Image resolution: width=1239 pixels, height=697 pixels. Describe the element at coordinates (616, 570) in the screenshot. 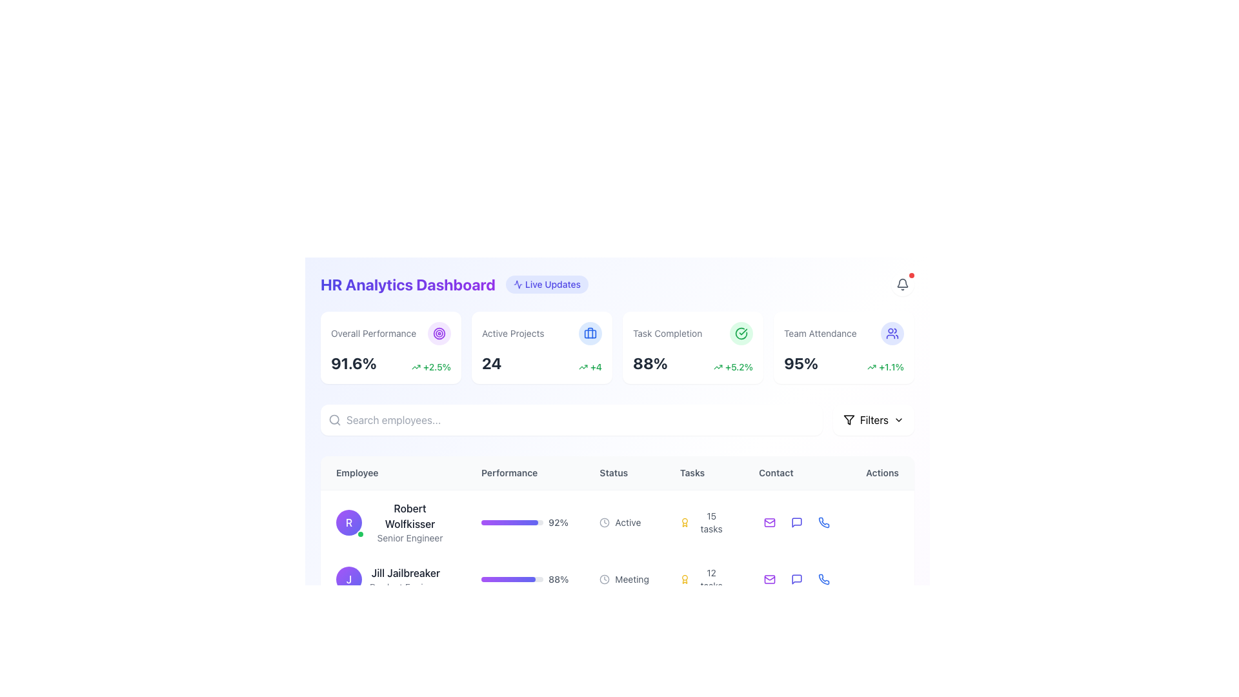

I see `the second row of the user table that contains details for 'Jill Jailbreaker', including role, performance percentage, status, and task details, to focus on the details` at that location.